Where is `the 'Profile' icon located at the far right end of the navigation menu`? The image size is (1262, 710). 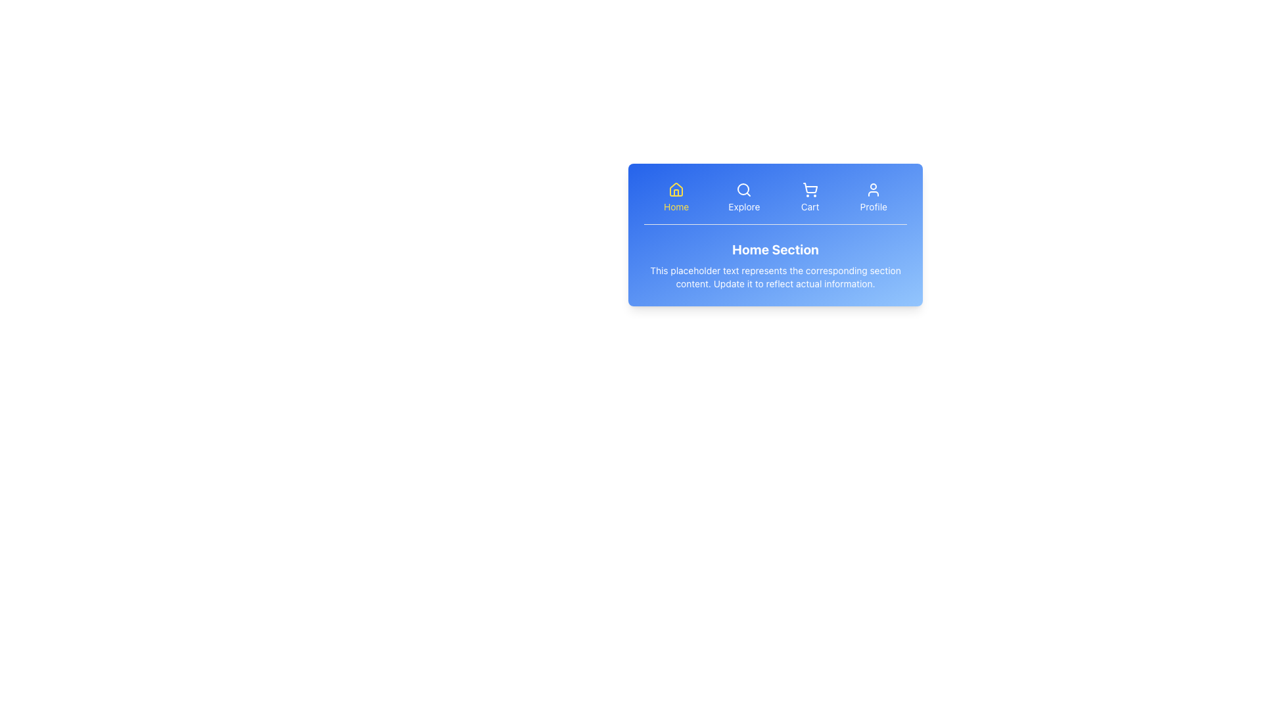 the 'Profile' icon located at the far right end of the navigation menu is located at coordinates (874, 190).